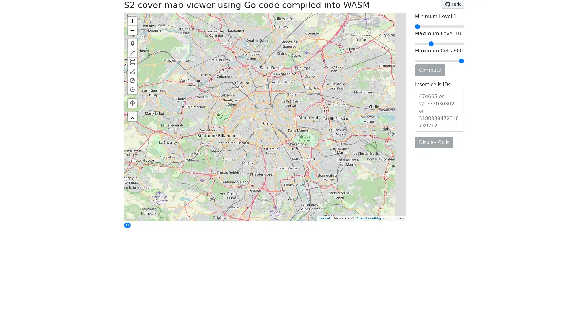 The width and height of the screenshot is (588, 331). I want to click on Display Cells, so click(434, 142).